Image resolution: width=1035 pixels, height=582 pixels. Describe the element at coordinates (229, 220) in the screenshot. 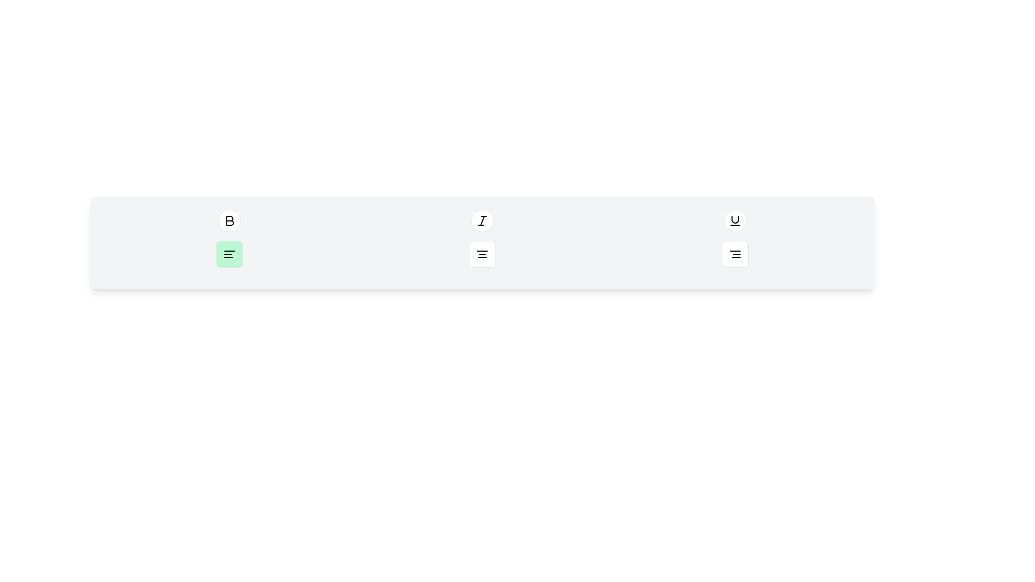

I see `the circular button with a bold 'B' icon` at that location.